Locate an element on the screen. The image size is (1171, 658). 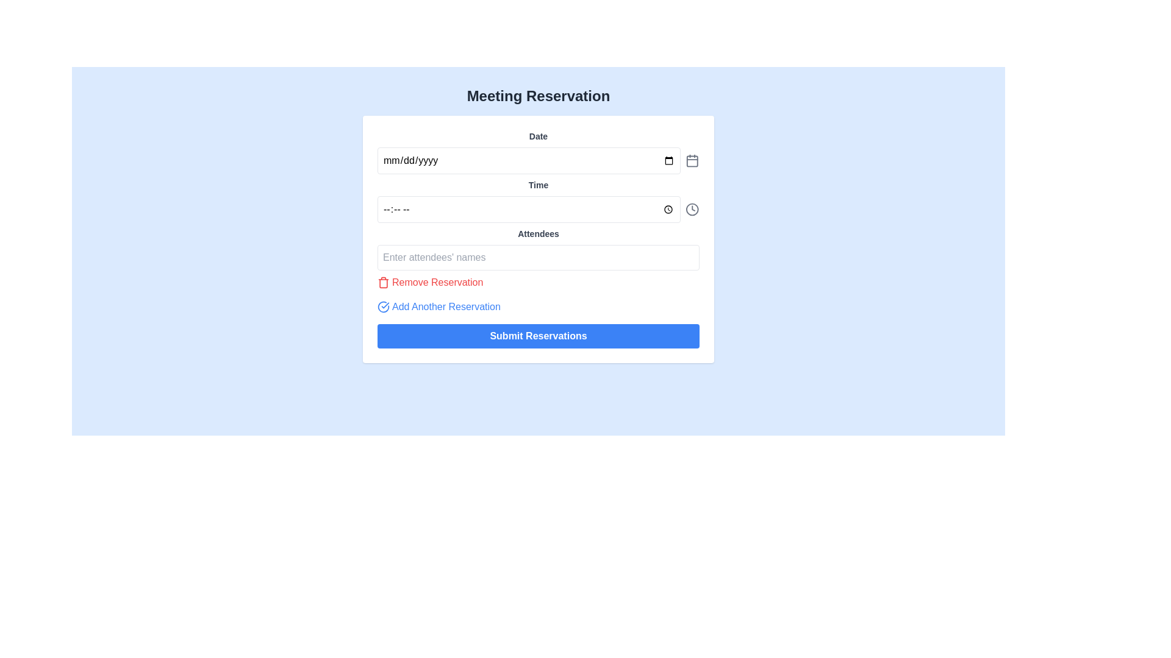
the 'Add Another Reservation' button, which contains an icon to the left of the button text is located at coordinates (382, 306).